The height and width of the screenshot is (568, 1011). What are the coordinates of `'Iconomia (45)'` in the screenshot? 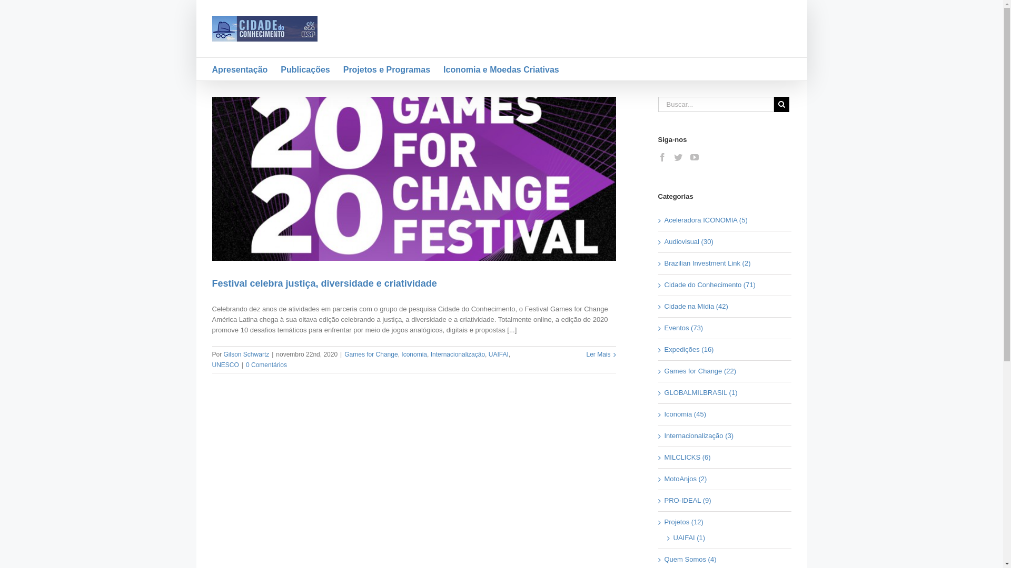 It's located at (725, 413).